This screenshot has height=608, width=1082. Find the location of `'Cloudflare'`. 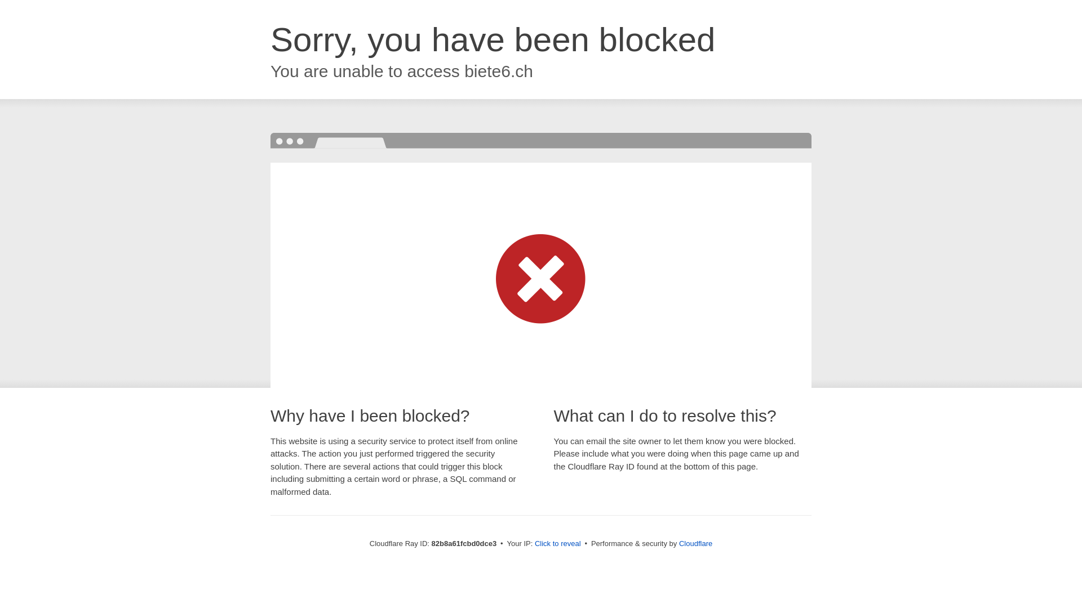

'Cloudflare' is located at coordinates (695, 543).